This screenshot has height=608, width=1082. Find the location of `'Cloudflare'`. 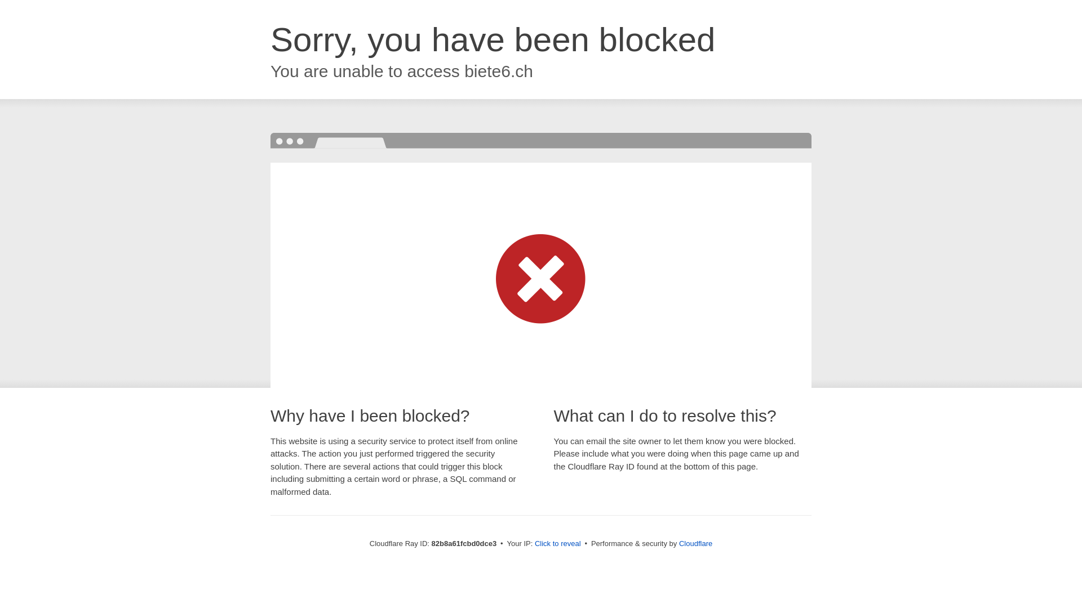

'Cloudflare' is located at coordinates (695, 543).